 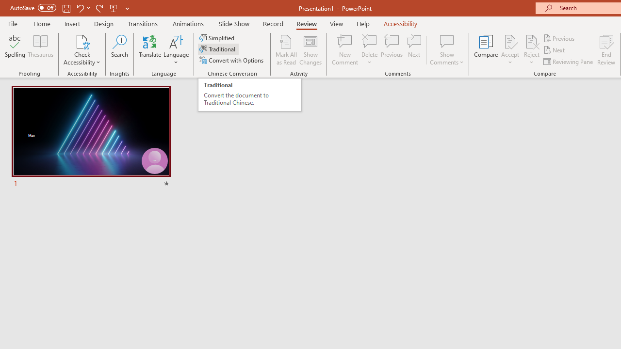 I want to click on 'Translate', so click(x=149, y=50).